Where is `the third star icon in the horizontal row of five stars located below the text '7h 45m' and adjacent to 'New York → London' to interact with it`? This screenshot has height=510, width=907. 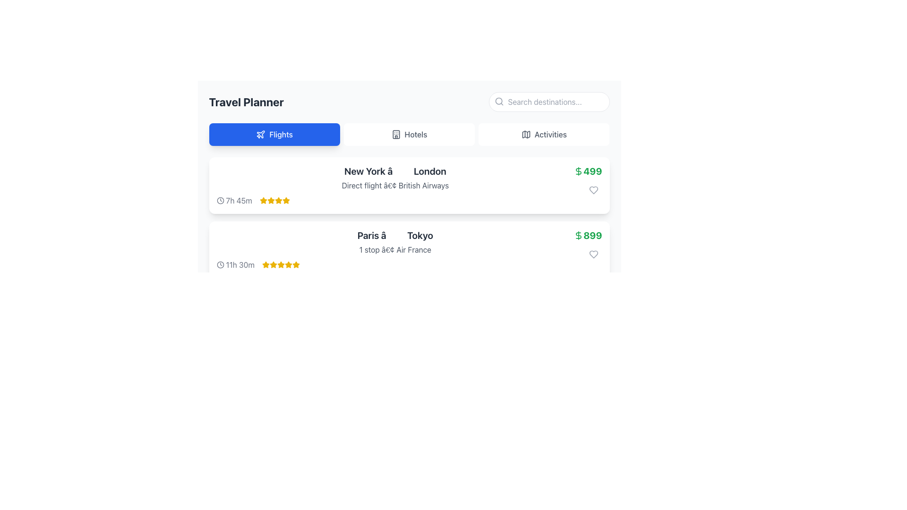
the third star icon in the horizontal row of five stars located below the text '7h 45m' and adjacent to 'New York → London' to interact with it is located at coordinates (270, 200).